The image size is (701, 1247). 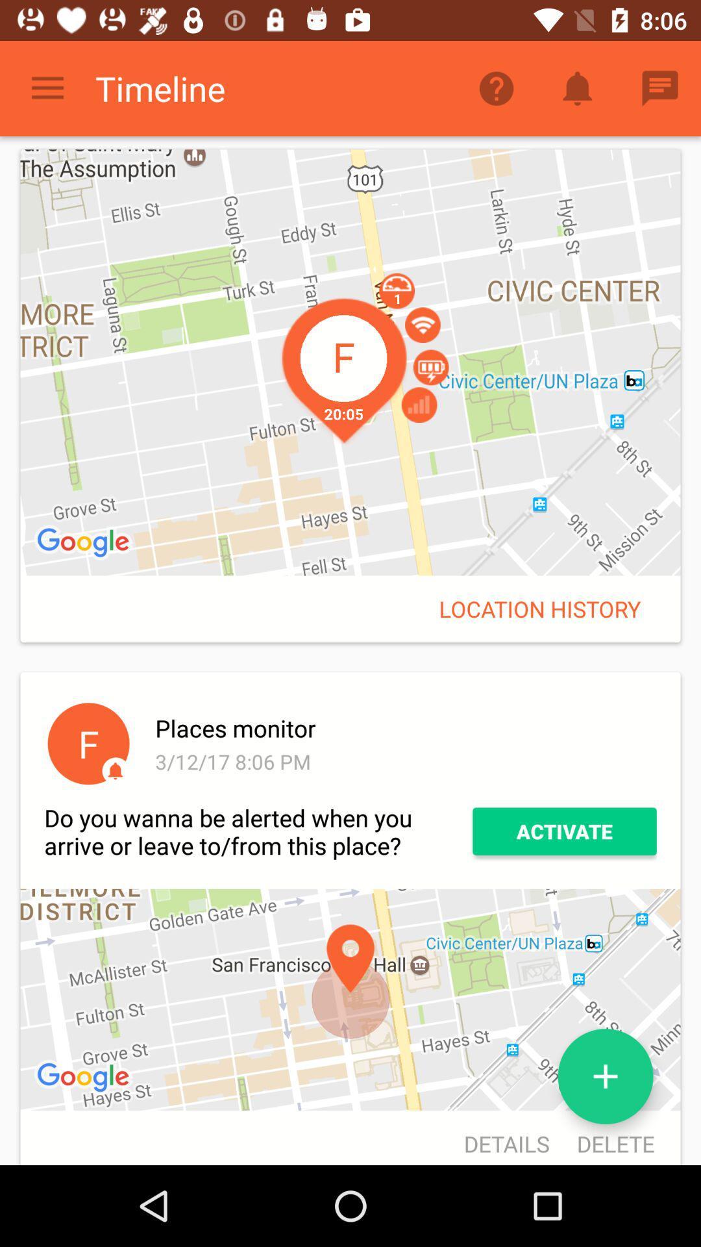 I want to click on the f icon, so click(x=88, y=744).